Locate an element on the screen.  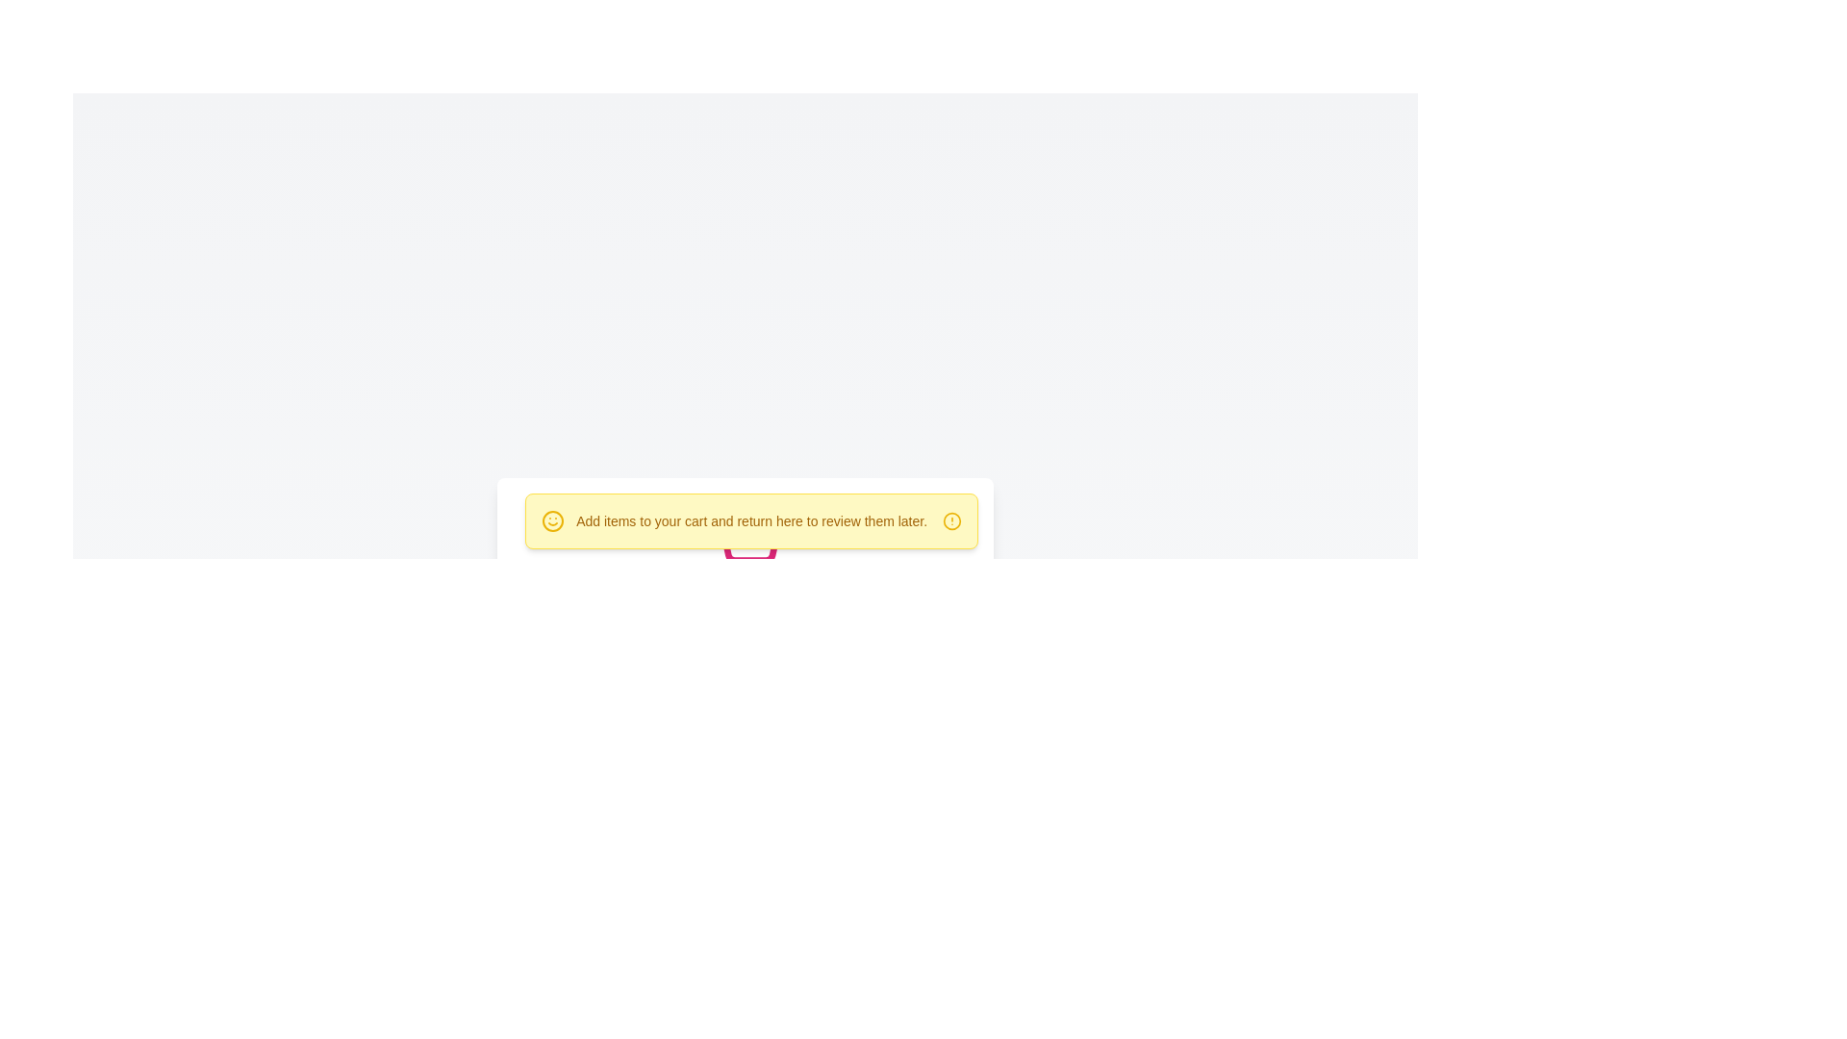
the Informative banner located at the top-right corner of the central panel is located at coordinates (750, 521).